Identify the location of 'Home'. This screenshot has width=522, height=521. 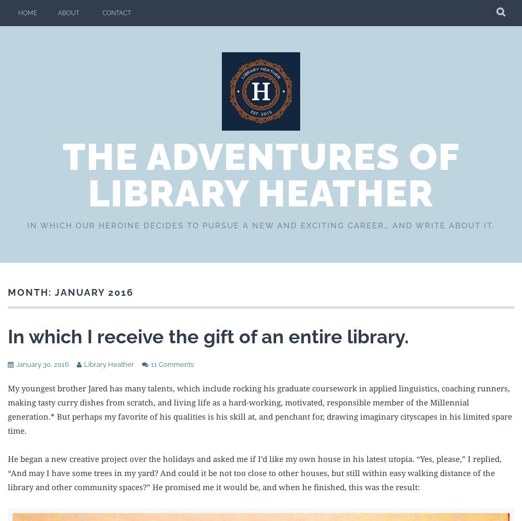
(28, 13).